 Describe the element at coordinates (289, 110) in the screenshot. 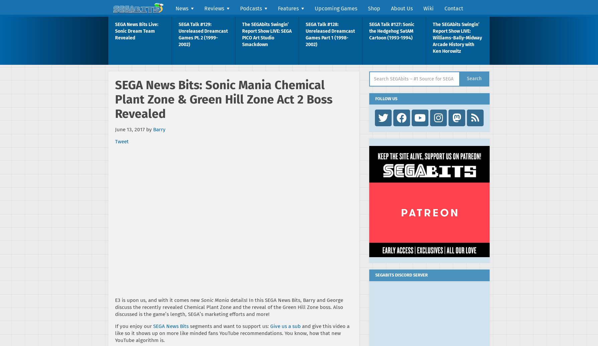

I see `'SEGA Ads'` at that location.